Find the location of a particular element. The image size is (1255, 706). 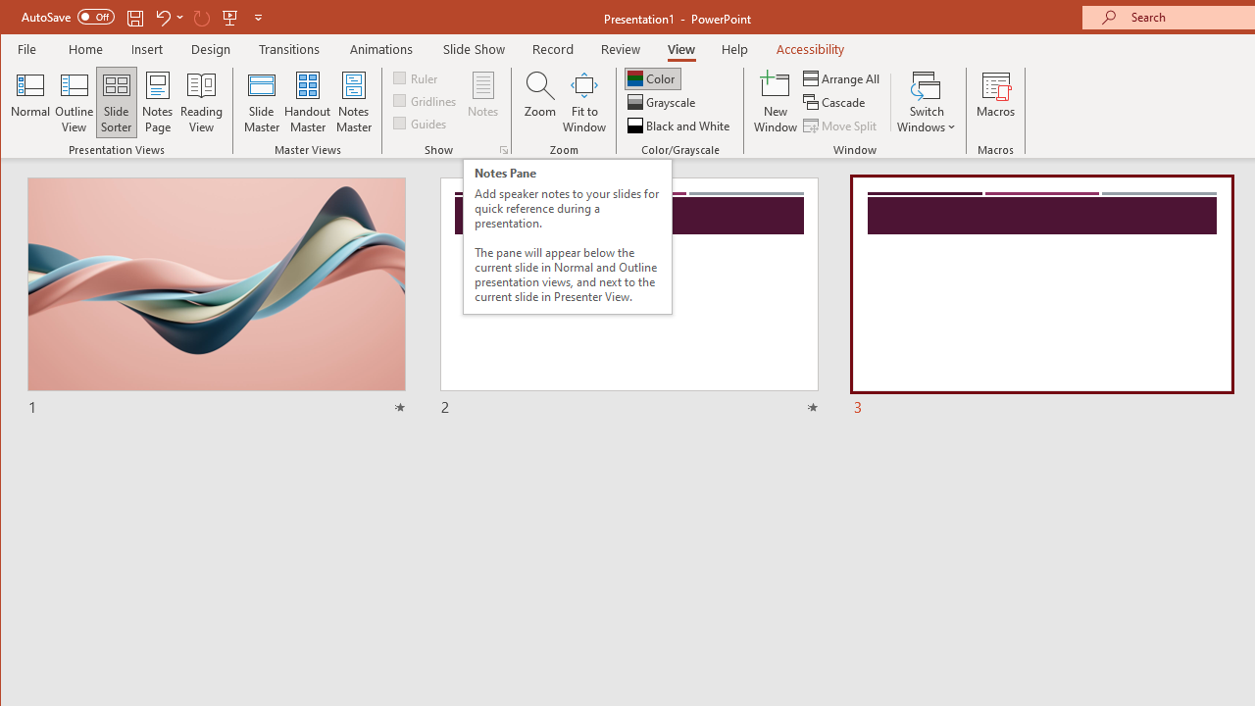

'Outline View' is located at coordinates (75, 102).